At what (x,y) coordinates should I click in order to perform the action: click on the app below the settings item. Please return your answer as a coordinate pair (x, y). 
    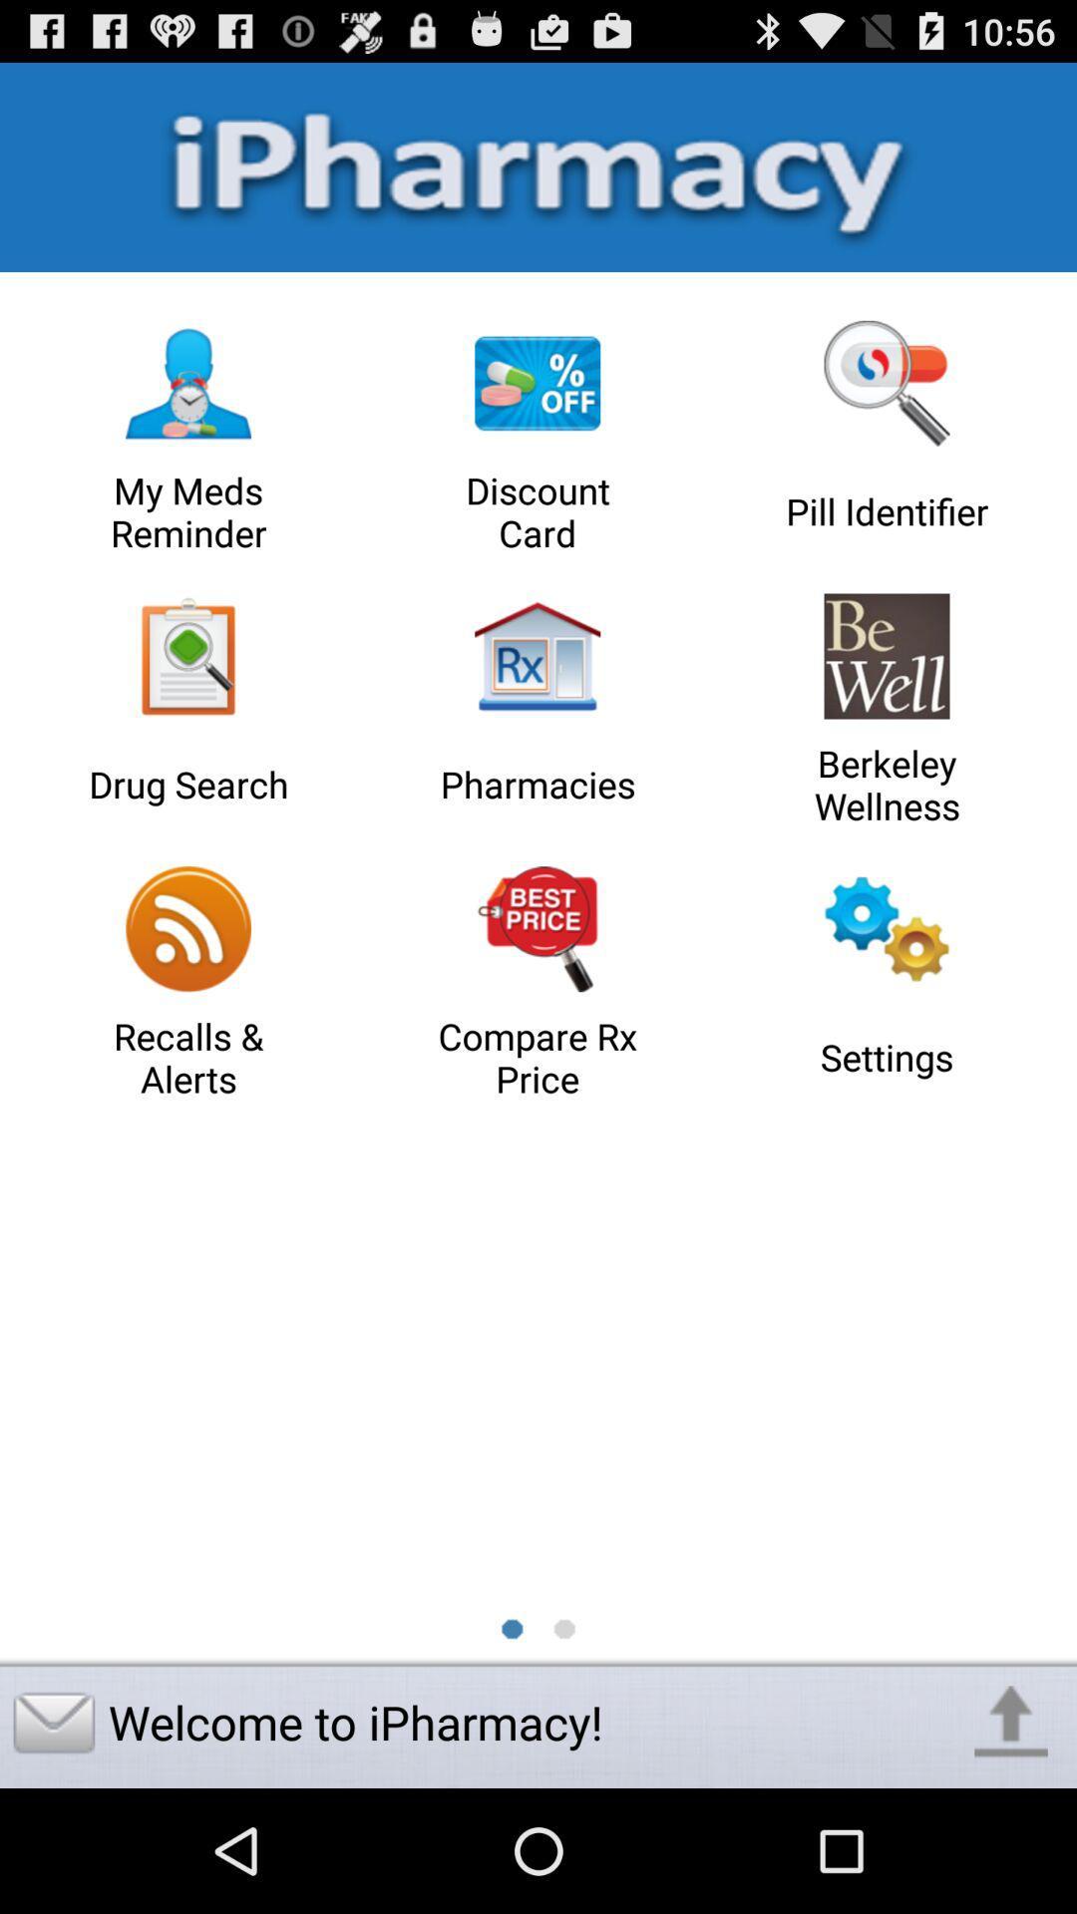
    Looking at the image, I should click on (1011, 1722).